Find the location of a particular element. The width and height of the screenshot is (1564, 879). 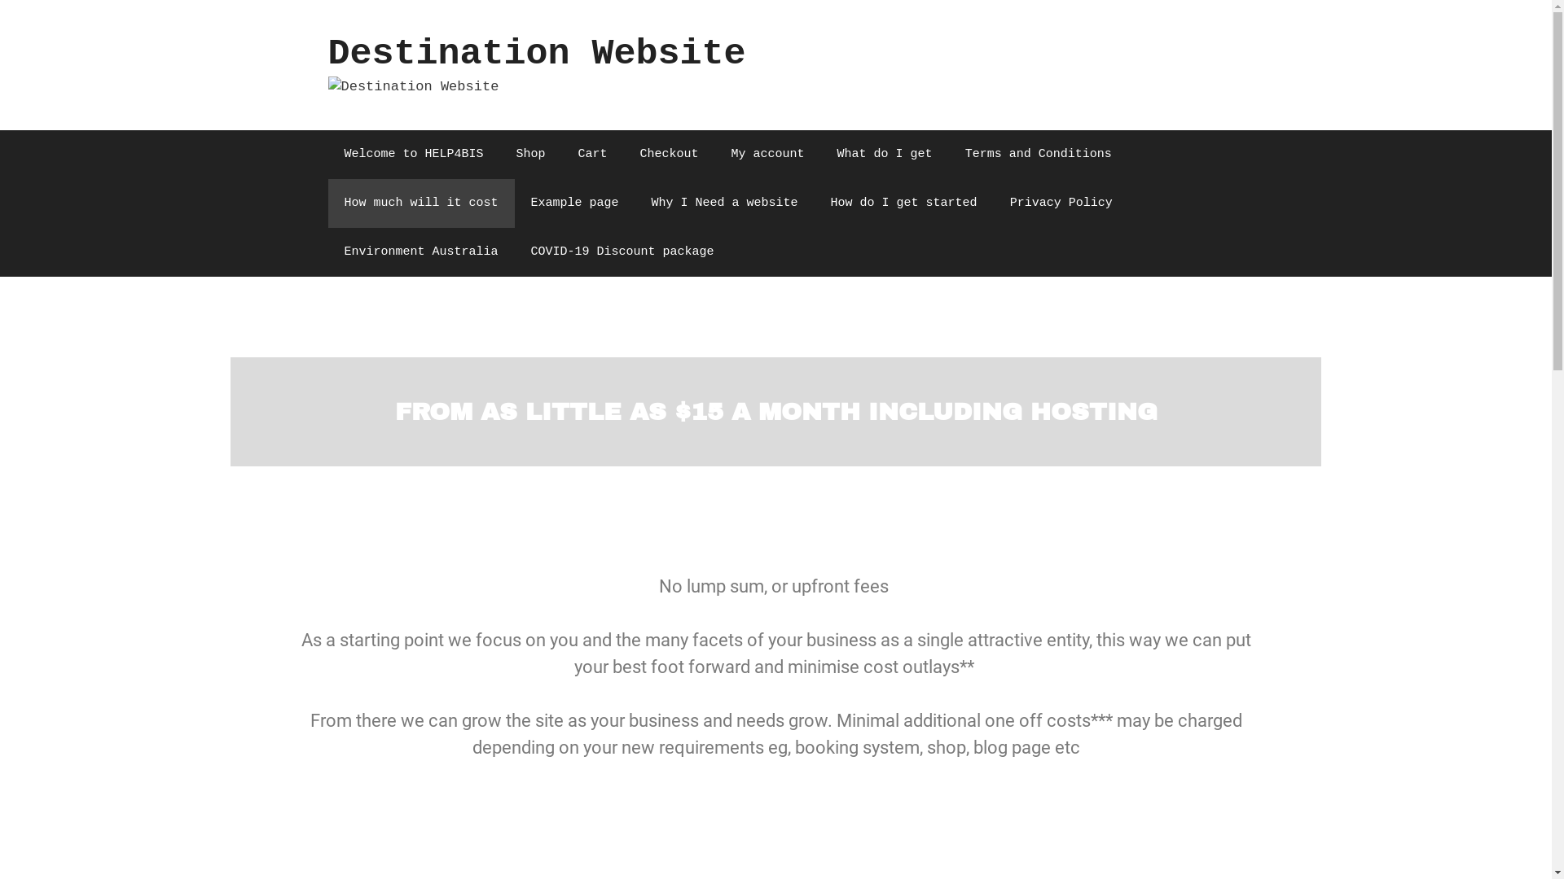

'COVID-19 Discount package' is located at coordinates (622, 251).